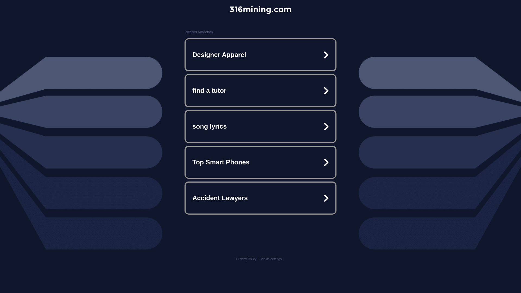  Describe the element at coordinates (271, 259) in the screenshot. I see `'Cookie settings'` at that location.